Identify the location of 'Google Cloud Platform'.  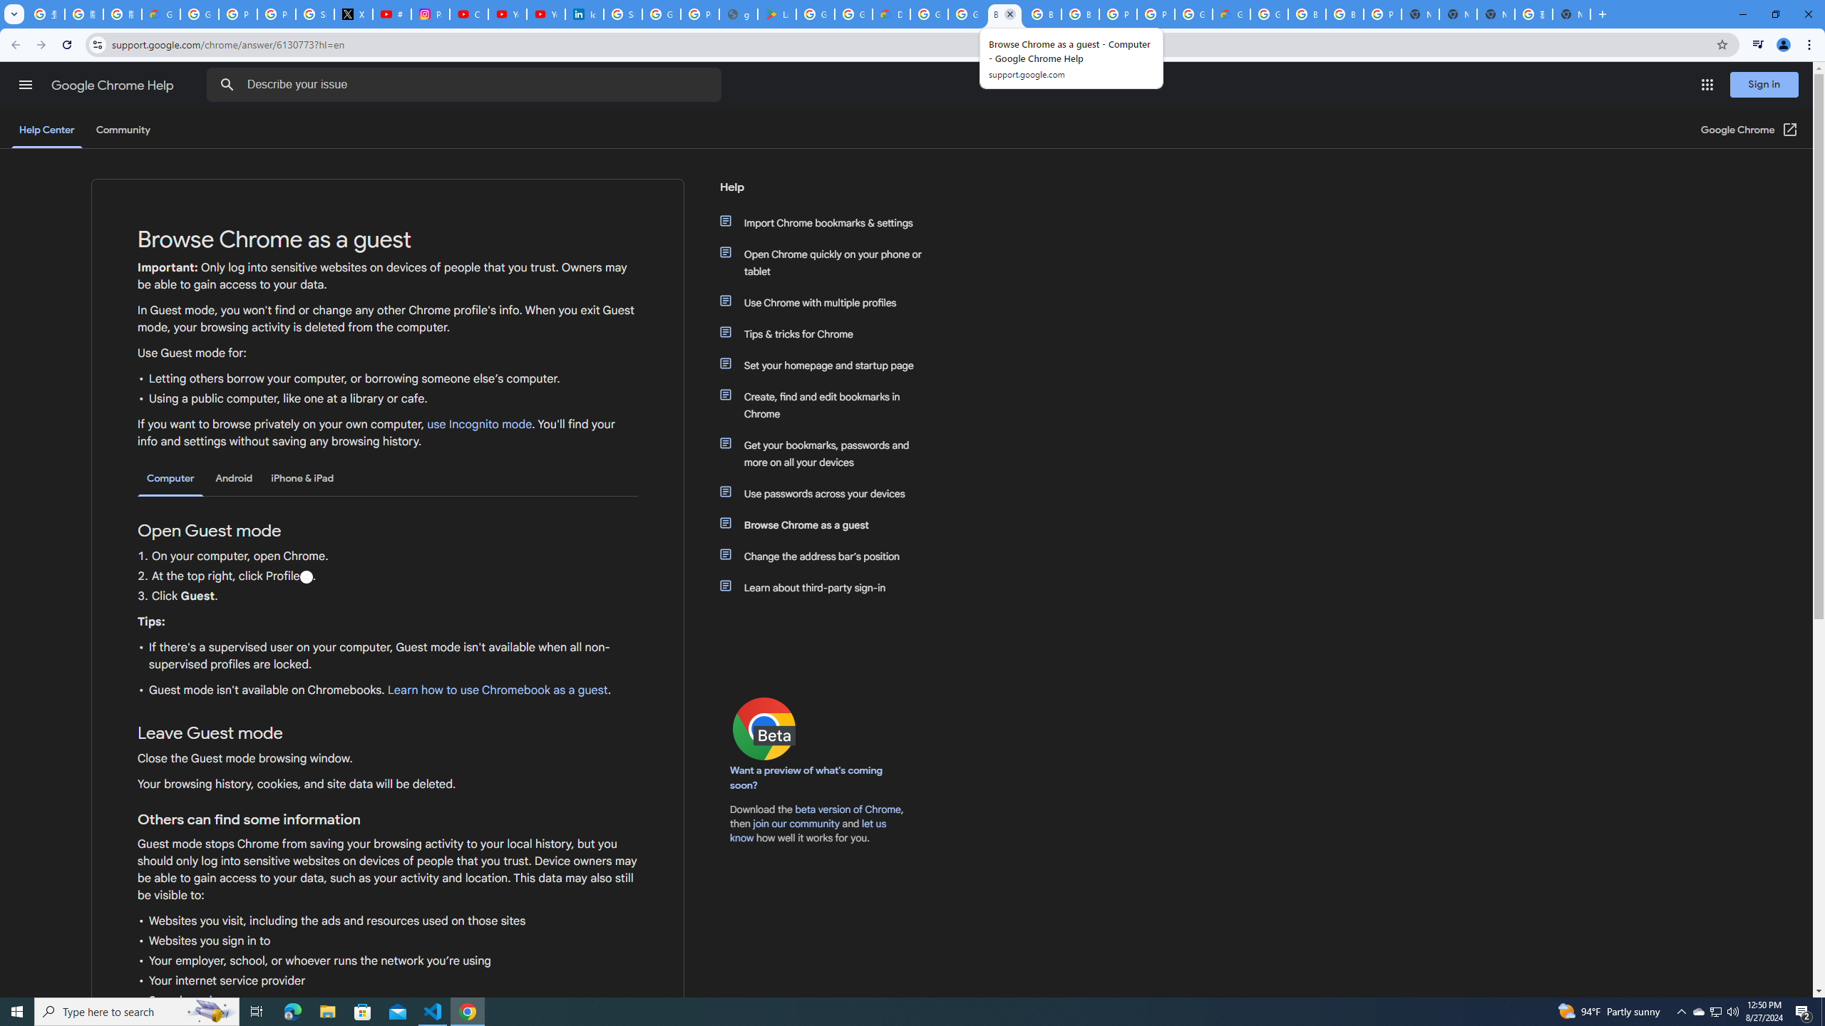
(1269, 14).